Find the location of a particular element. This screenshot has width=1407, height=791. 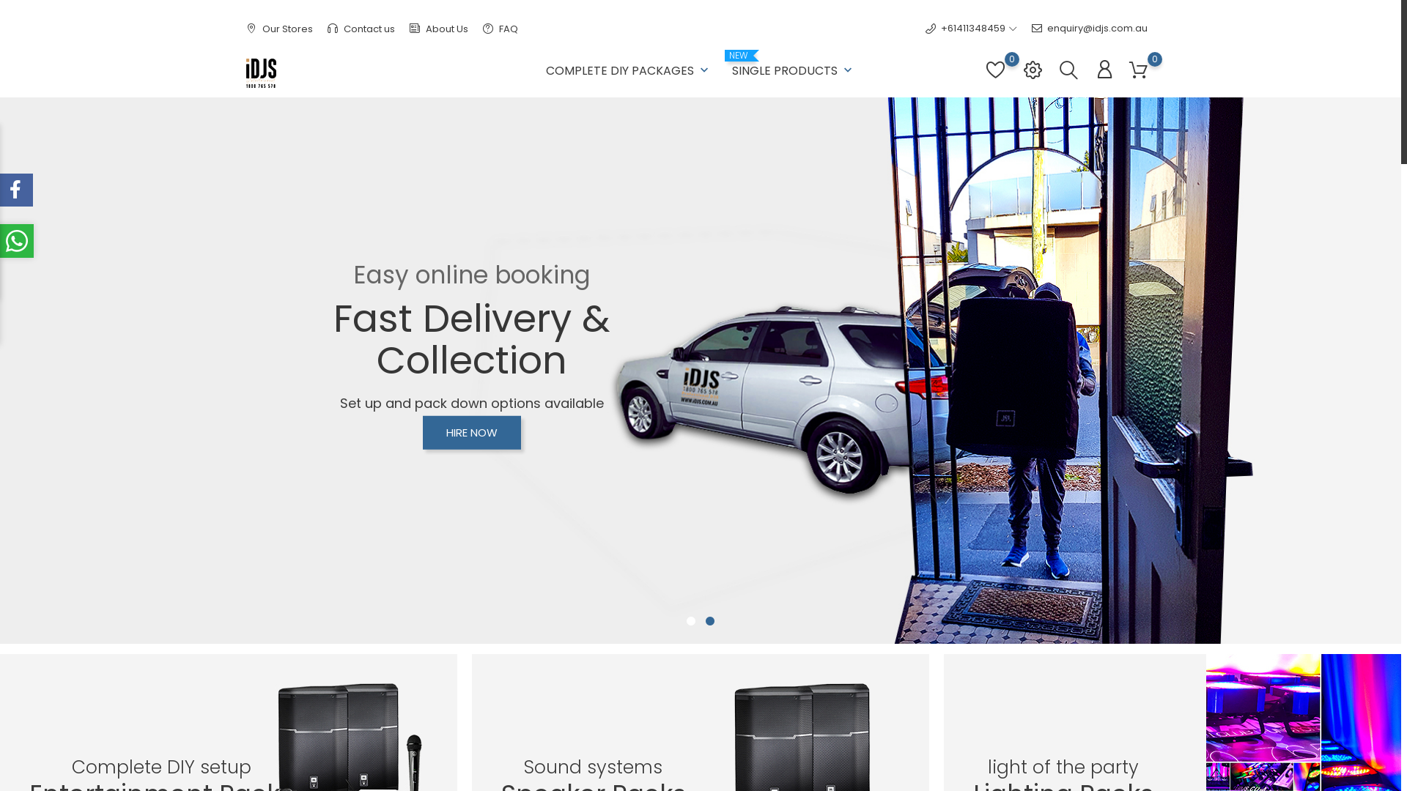

'Rental process' is located at coordinates (665, 590).